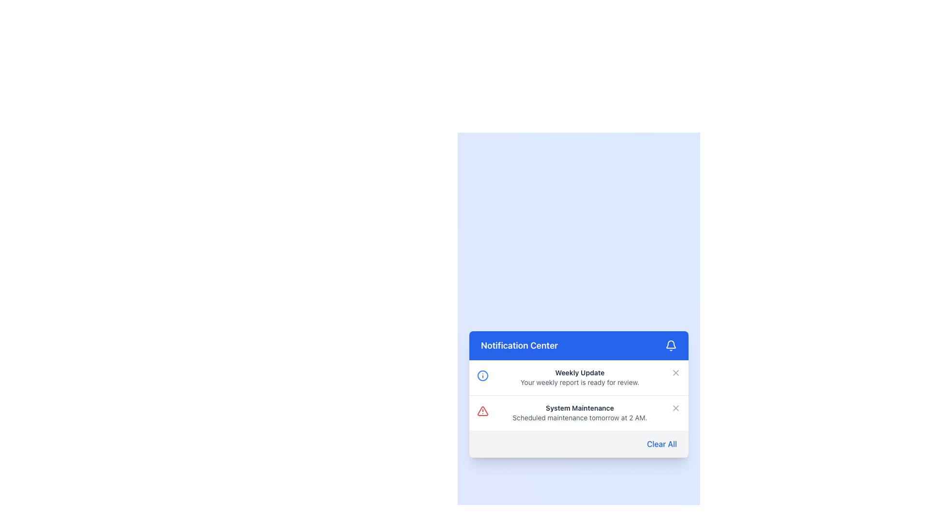  What do you see at coordinates (580, 382) in the screenshot?
I see `text indicating that a weekly report is available for review, located in the Notification Center below the 'Weekly Update' title` at bounding box center [580, 382].